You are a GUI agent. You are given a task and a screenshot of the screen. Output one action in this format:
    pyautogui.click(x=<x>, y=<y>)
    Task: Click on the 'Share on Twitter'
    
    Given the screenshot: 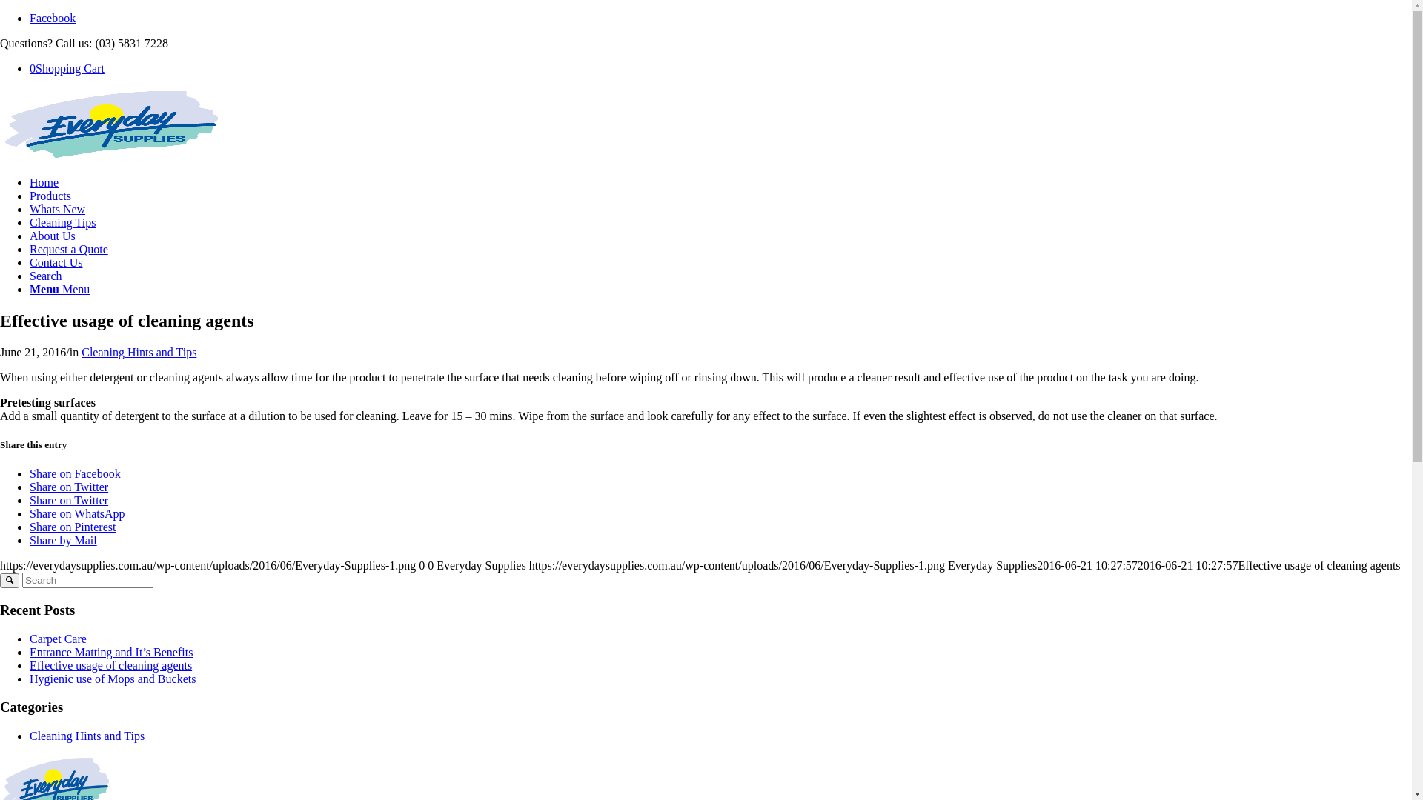 What is the action you would take?
    pyautogui.click(x=67, y=500)
    